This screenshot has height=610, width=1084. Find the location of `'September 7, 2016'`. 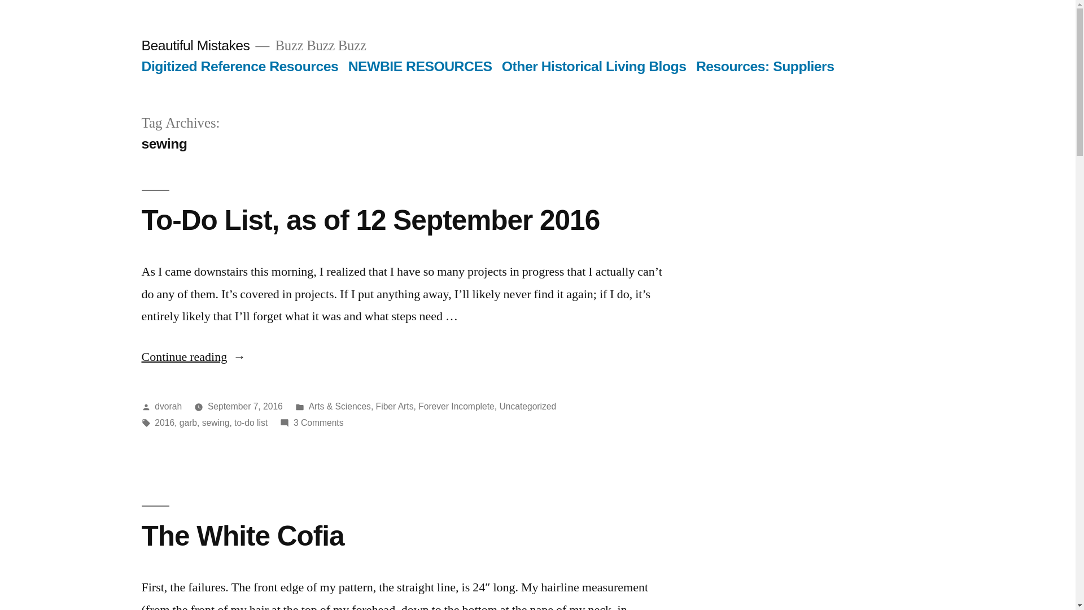

'September 7, 2016' is located at coordinates (244, 406).